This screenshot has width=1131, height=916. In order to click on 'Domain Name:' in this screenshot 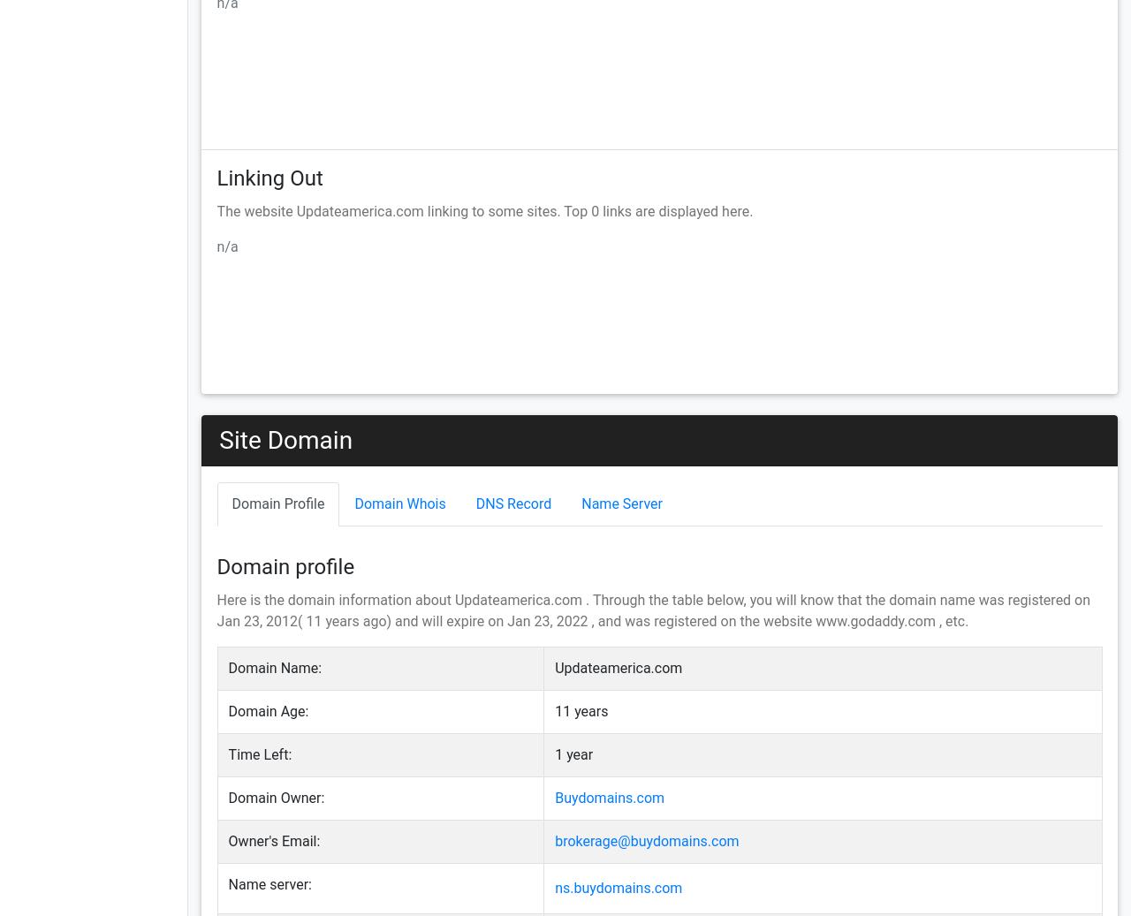, I will do `click(274, 668)`.